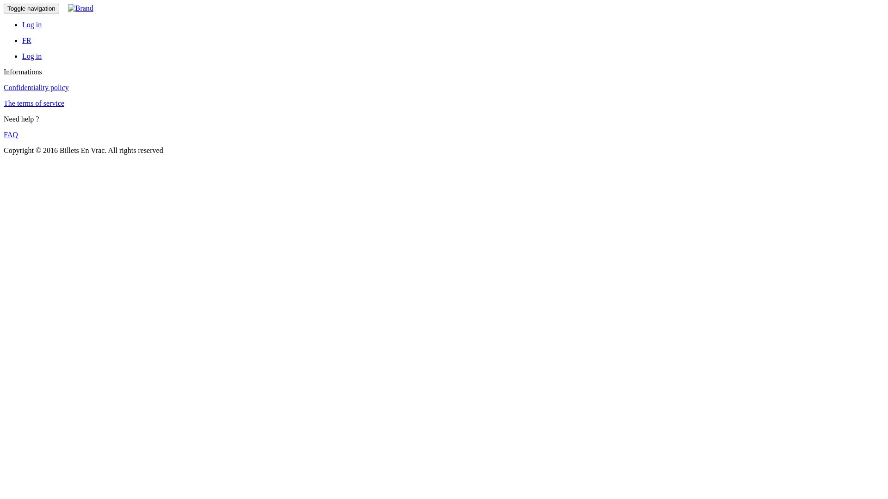 The height and width of the screenshot is (499, 888). What do you see at coordinates (26, 40) in the screenshot?
I see `'FR'` at bounding box center [26, 40].